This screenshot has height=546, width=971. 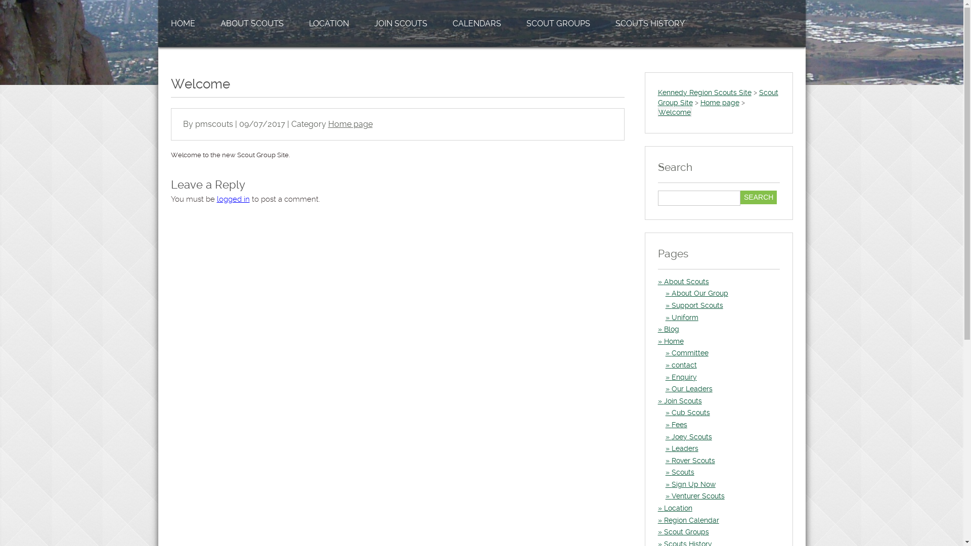 What do you see at coordinates (690, 483) in the screenshot?
I see `'Sign Up Now'` at bounding box center [690, 483].